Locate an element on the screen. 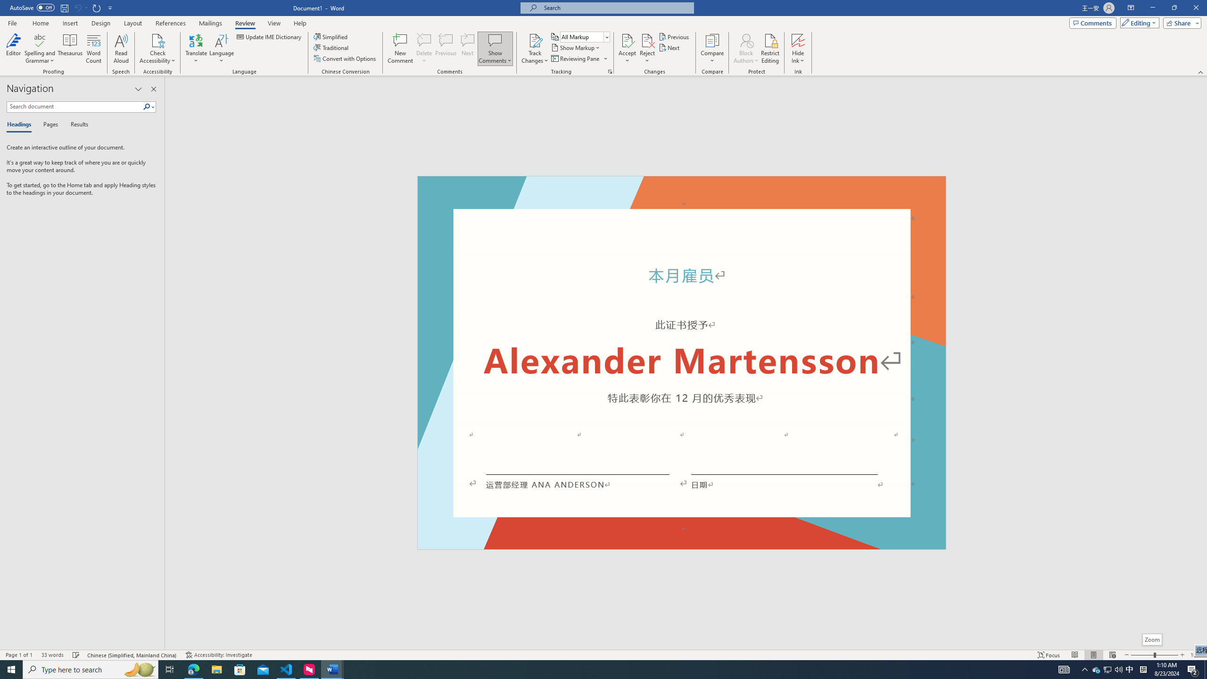 Image resolution: width=1207 pixels, height=679 pixels. 'Translate' is located at coordinates (196, 49).